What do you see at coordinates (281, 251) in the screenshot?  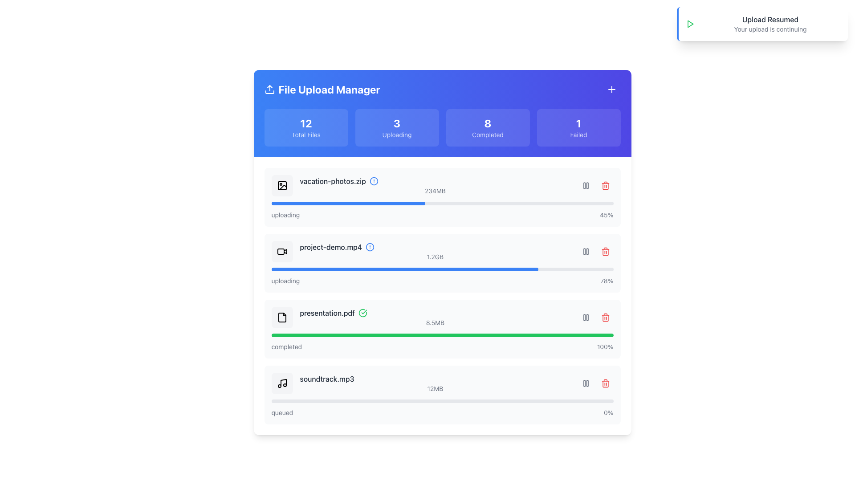 I see `the video file icon located in the second row of the main content area, which is represented by a light gray circular background` at bounding box center [281, 251].